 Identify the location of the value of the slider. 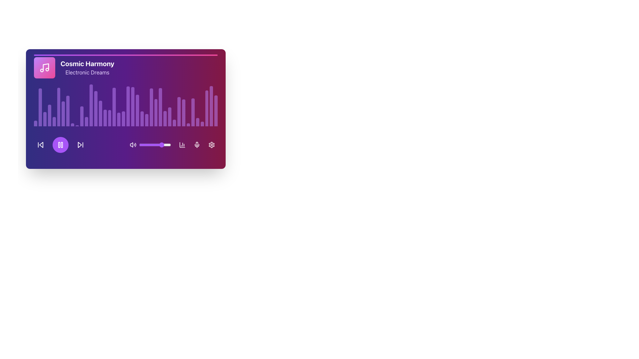
(155, 144).